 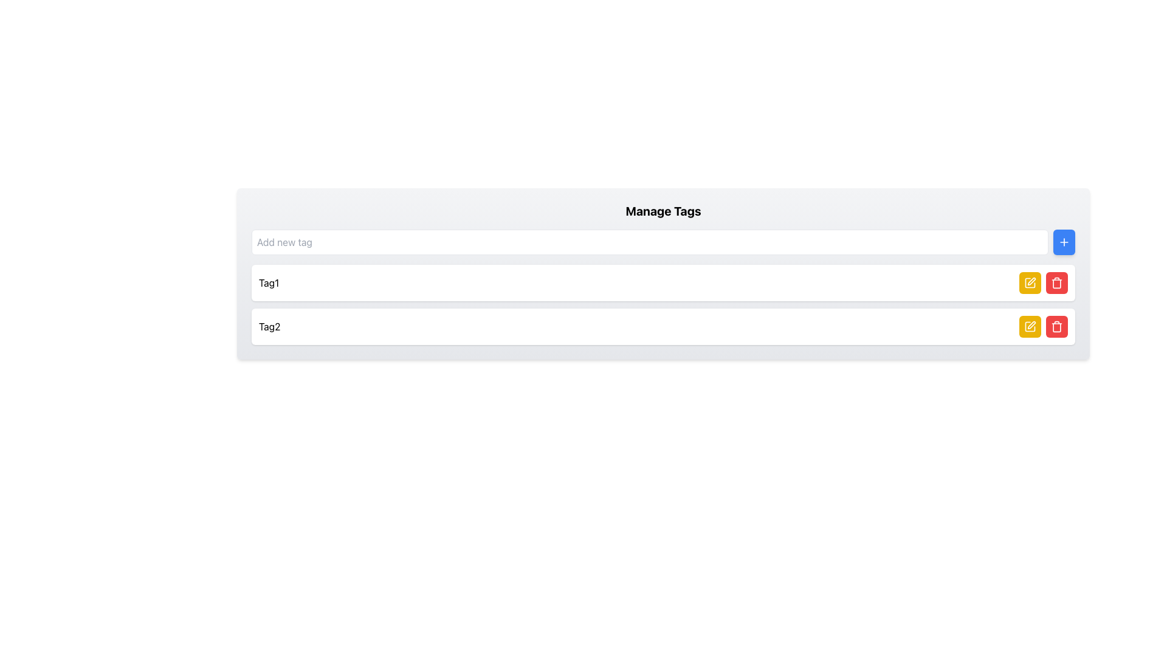 I want to click on the pencil icon button located in the second tag row labeled 'Tag2', so click(x=1029, y=283).